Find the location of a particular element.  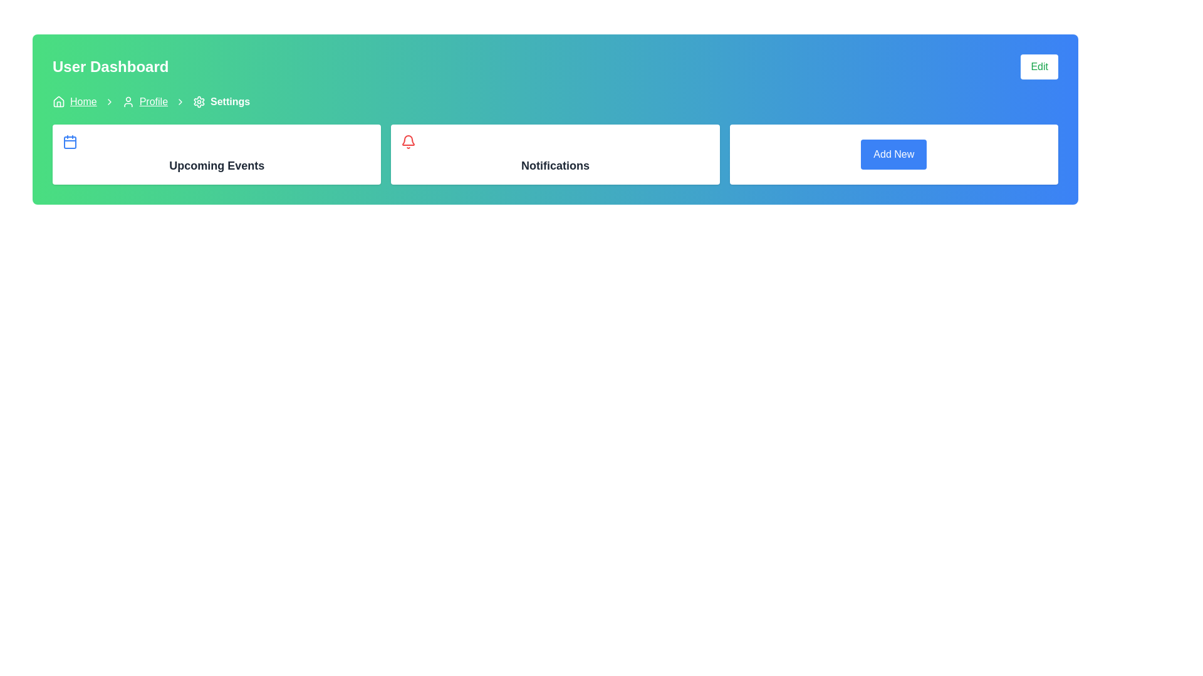

the second chevron-shaped icon in the breadcrumb navigation, located between 'Profile' and 'Settings' is located at coordinates (180, 101).